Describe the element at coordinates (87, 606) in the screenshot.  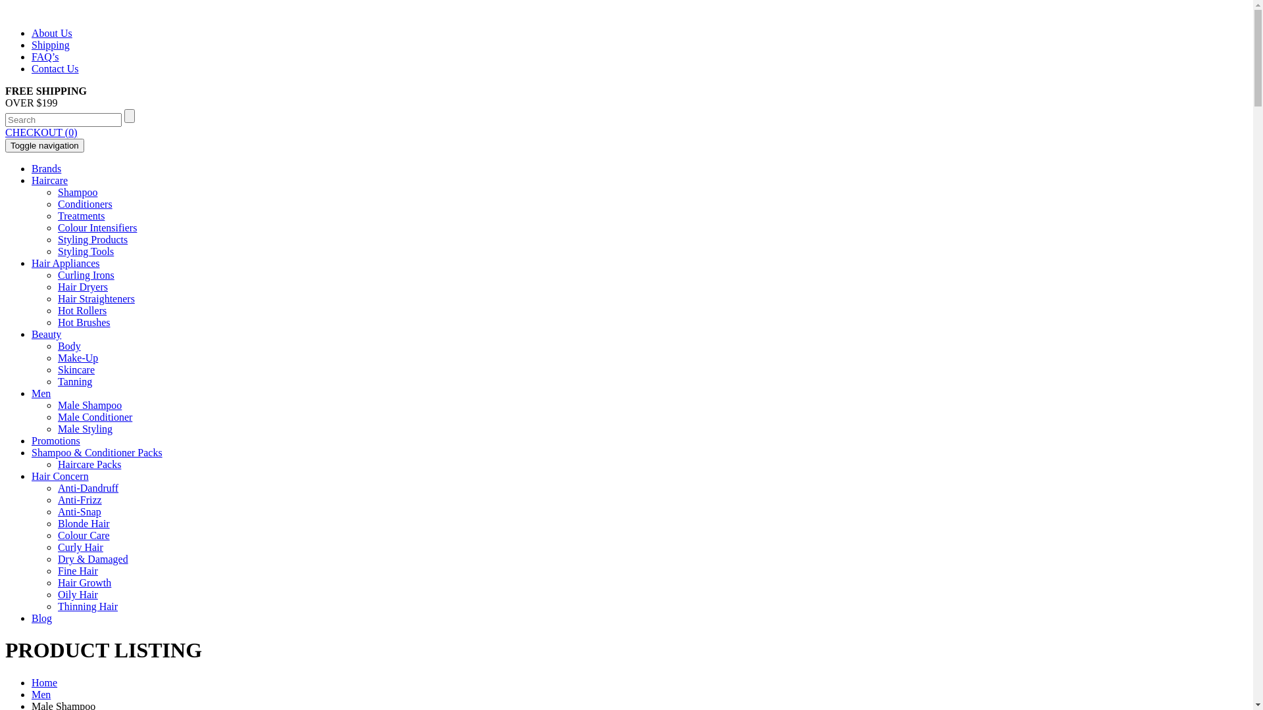
I see `'Thinning Hair'` at that location.